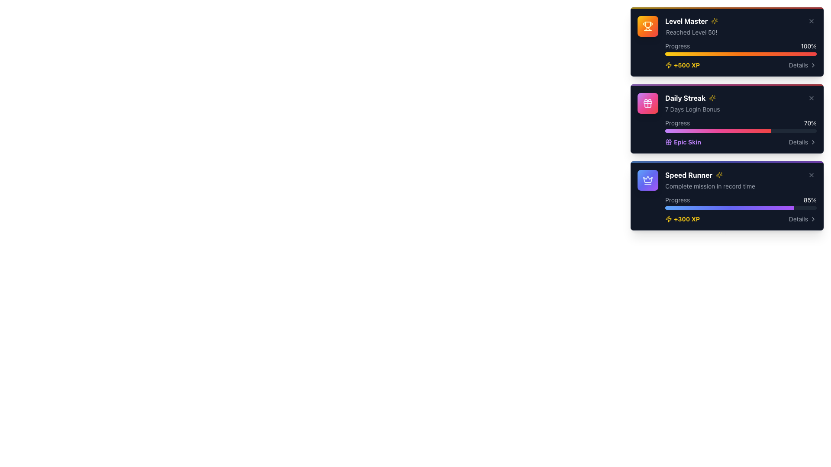 The width and height of the screenshot is (831, 467). What do you see at coordinates (715, 21) in the screenshot?
I see `the sparkles icon with a yellow appearance and glowing animation, located to the right of the 'Level Master' label` at bounding box center [715, 21].